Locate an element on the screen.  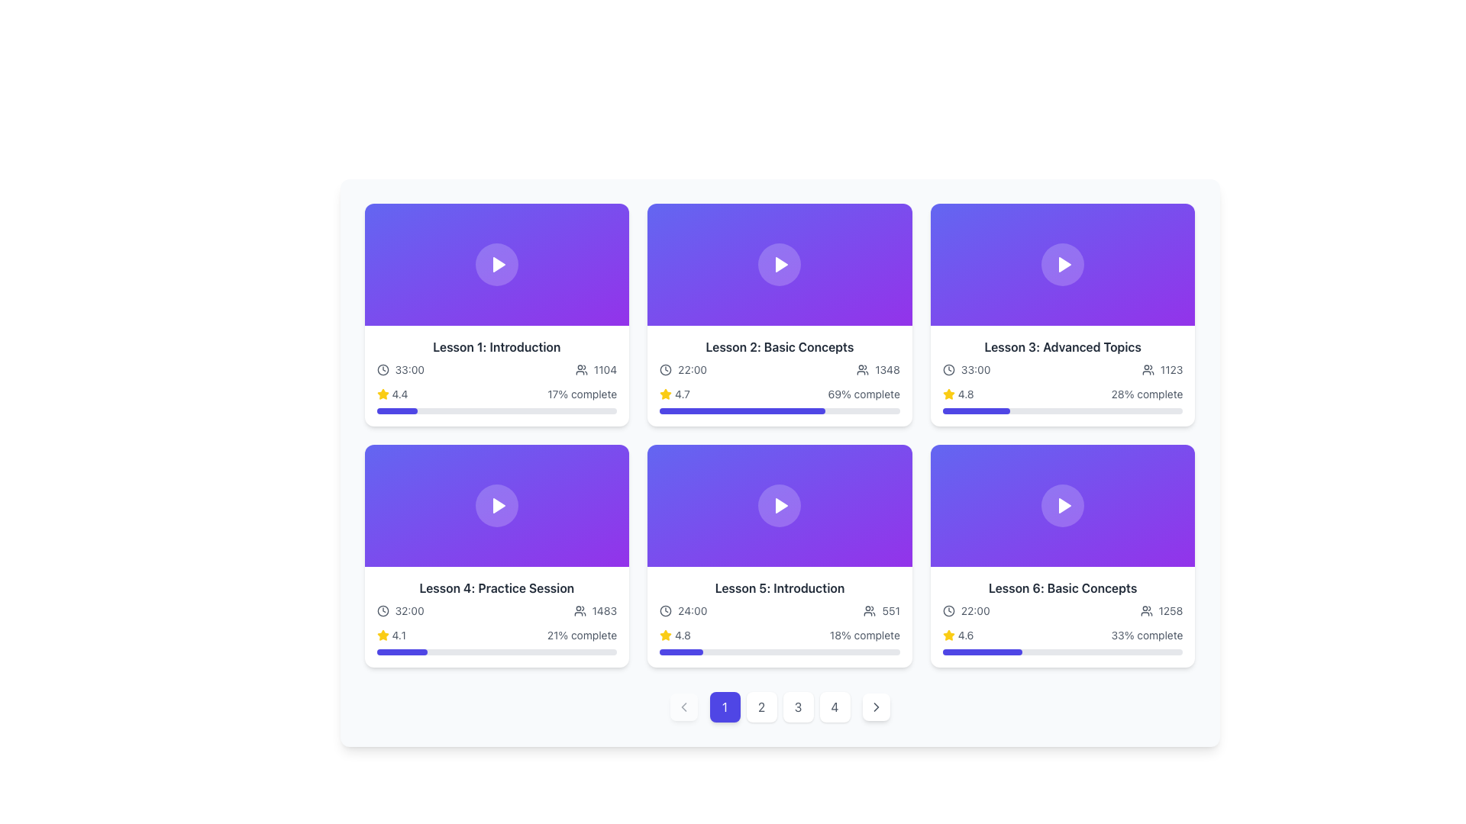
the star icon representing the rating score of '4.6' located at the bottom right of the 'Lesson 6: Basic Concepts' card is located at coordinates (948, 636).